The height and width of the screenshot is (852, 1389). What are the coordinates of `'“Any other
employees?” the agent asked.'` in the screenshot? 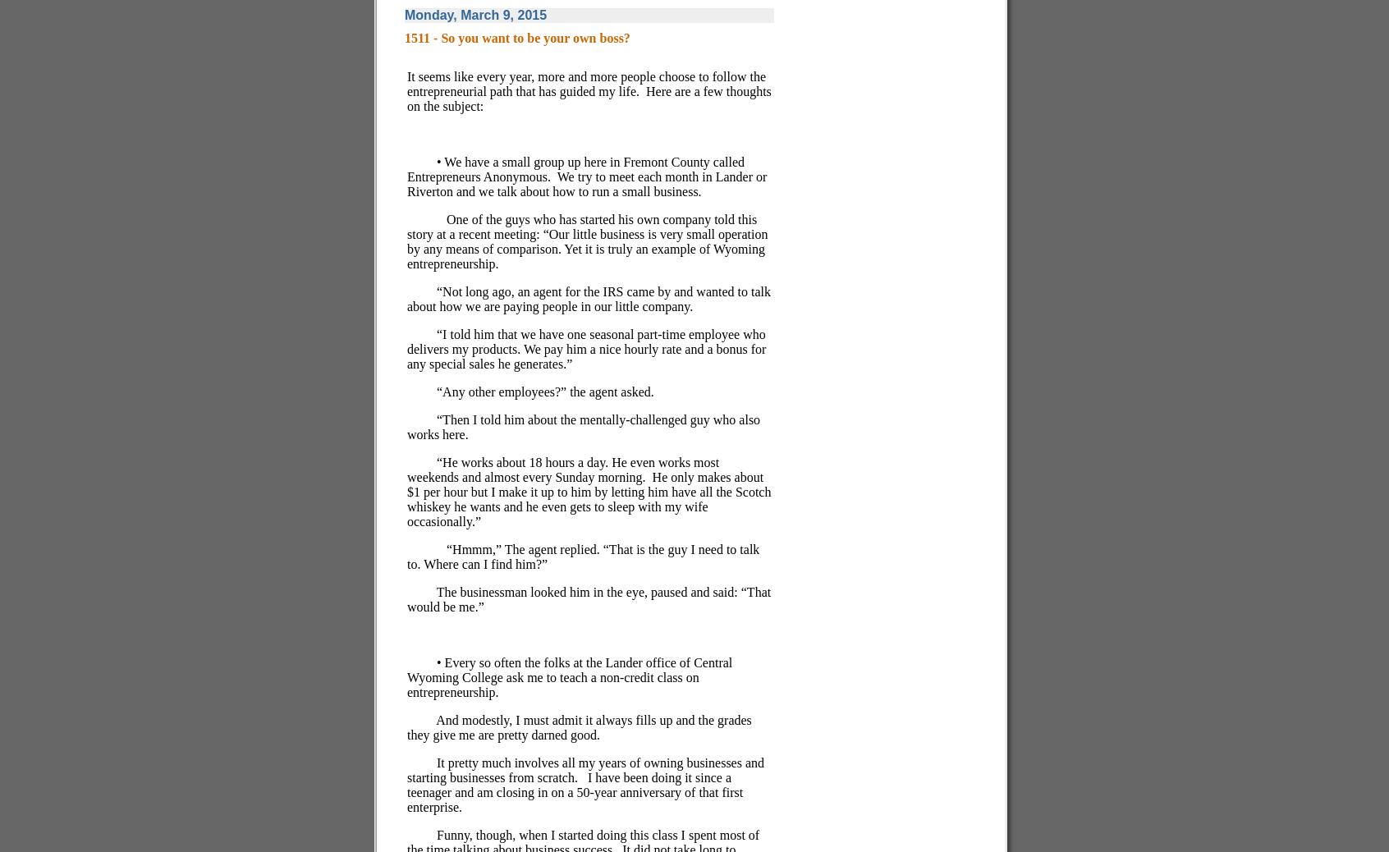 It's located at (544, 391).